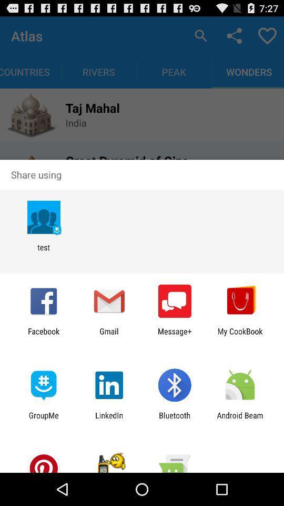 This screenshot has height=506, width=284. I want to click on icon next to the bluetooth icon, so click(240, 420).